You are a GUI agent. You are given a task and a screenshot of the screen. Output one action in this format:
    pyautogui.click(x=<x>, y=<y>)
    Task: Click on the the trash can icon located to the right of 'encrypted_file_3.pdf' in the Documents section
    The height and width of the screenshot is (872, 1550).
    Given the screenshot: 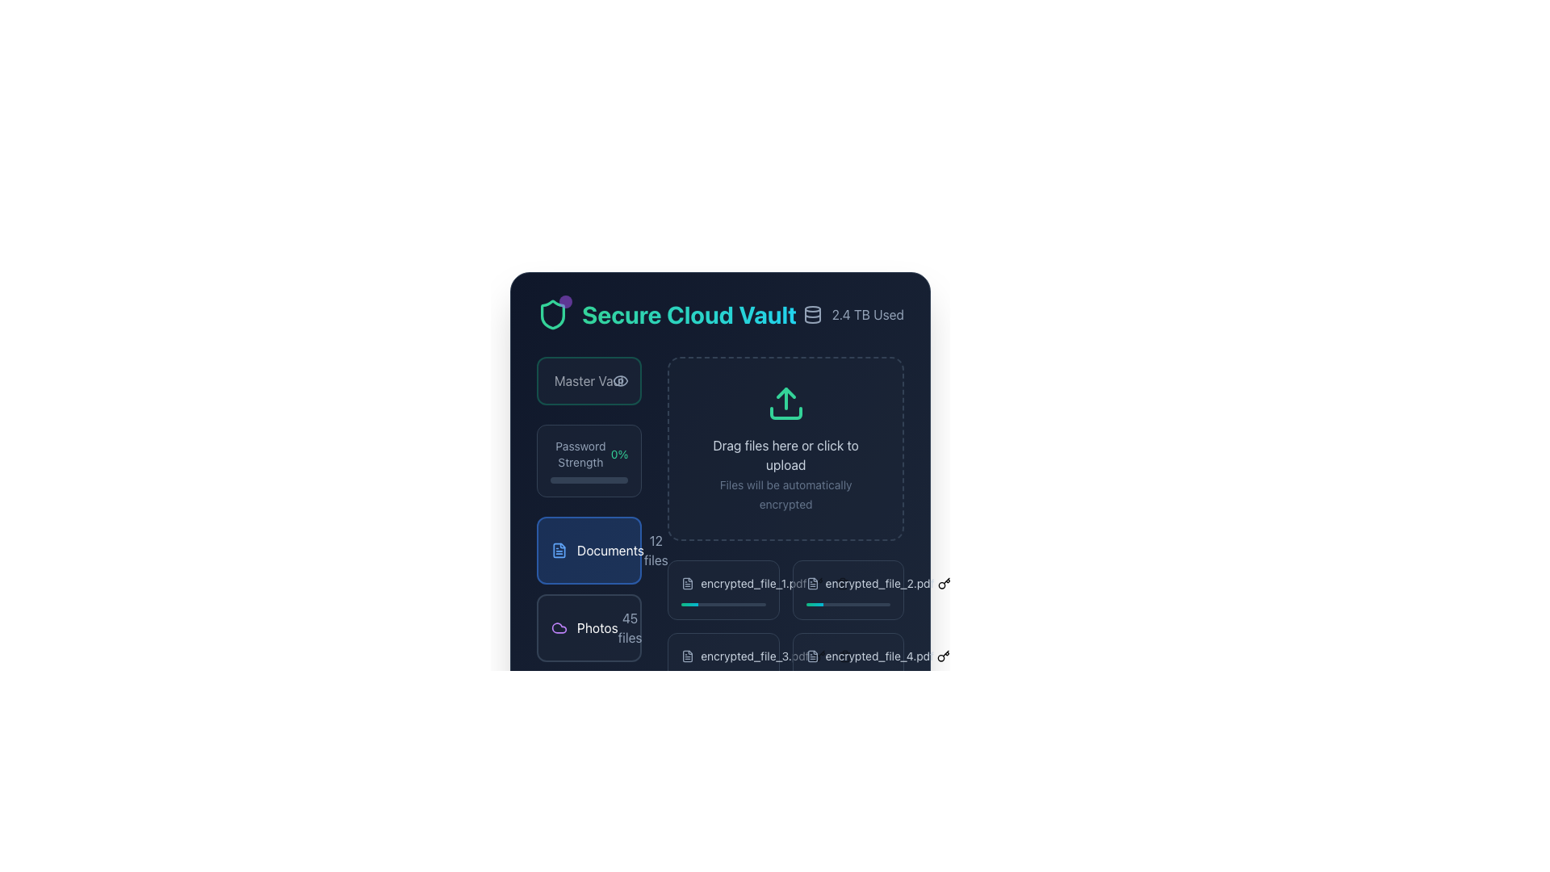 What is the action you would take?
    pyautogui.click(x=832, y=656)
    